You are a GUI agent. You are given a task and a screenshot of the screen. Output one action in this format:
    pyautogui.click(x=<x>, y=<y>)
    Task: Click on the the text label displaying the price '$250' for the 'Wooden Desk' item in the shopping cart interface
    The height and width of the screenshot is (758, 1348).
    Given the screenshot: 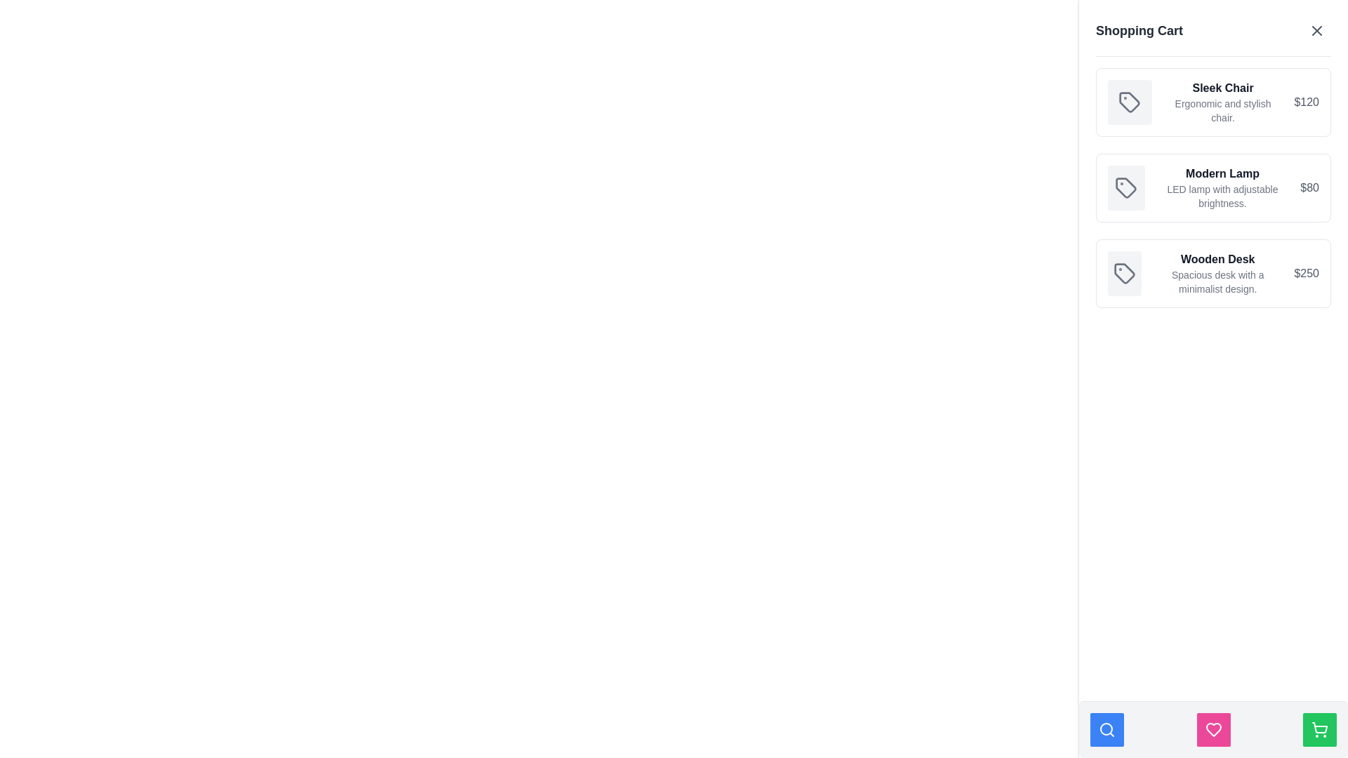 What is the action you would take?
    pyautogui.click(x=1306, y=273)
    